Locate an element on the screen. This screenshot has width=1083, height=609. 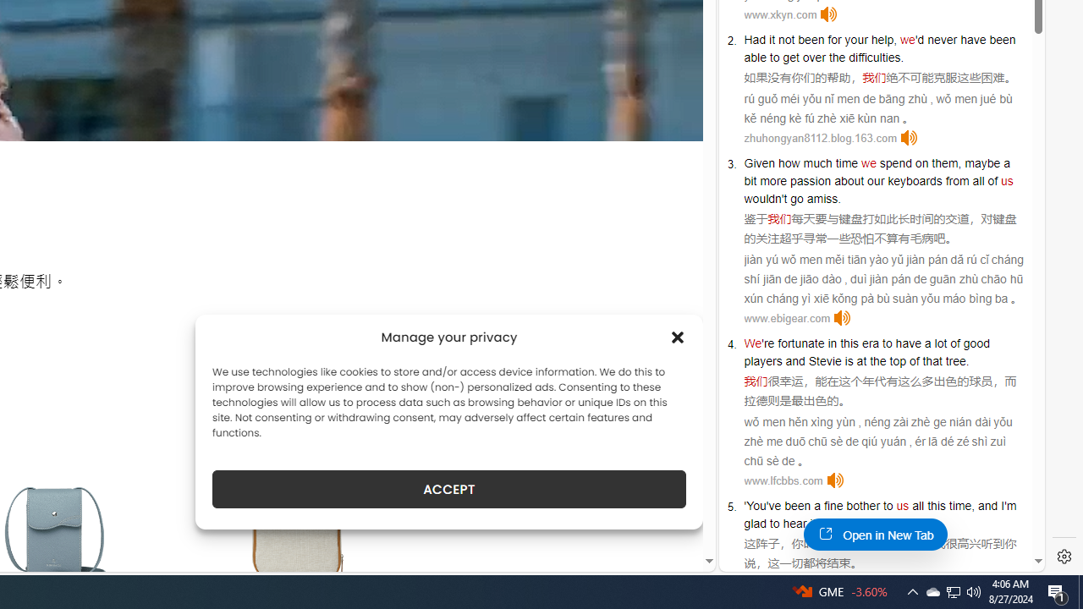
'top' is located at coordinates (897, 359).